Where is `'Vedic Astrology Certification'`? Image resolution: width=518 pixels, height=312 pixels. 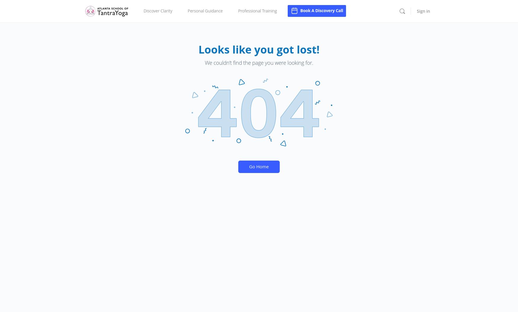 'Vedic Astrology Certification' is located at coordinates (238, 25).